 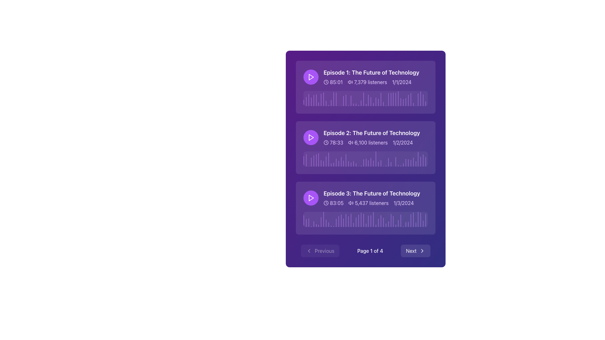 What do you see at coordinates (338, 163) in the screenshot?
I see `details of the progress marker, a thin vertical bar with a purple tint located within the second waveform representation, occupying the 15th position among similar vertical bars` at bounding box center [338, 163].